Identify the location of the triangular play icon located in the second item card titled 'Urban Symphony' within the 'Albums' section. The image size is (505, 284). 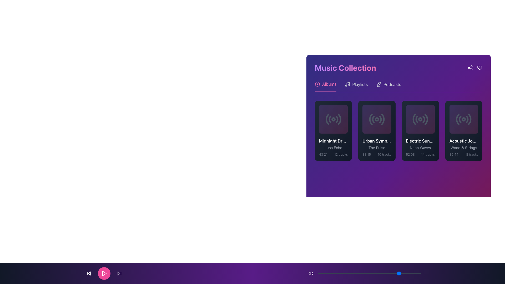
(377, 119).